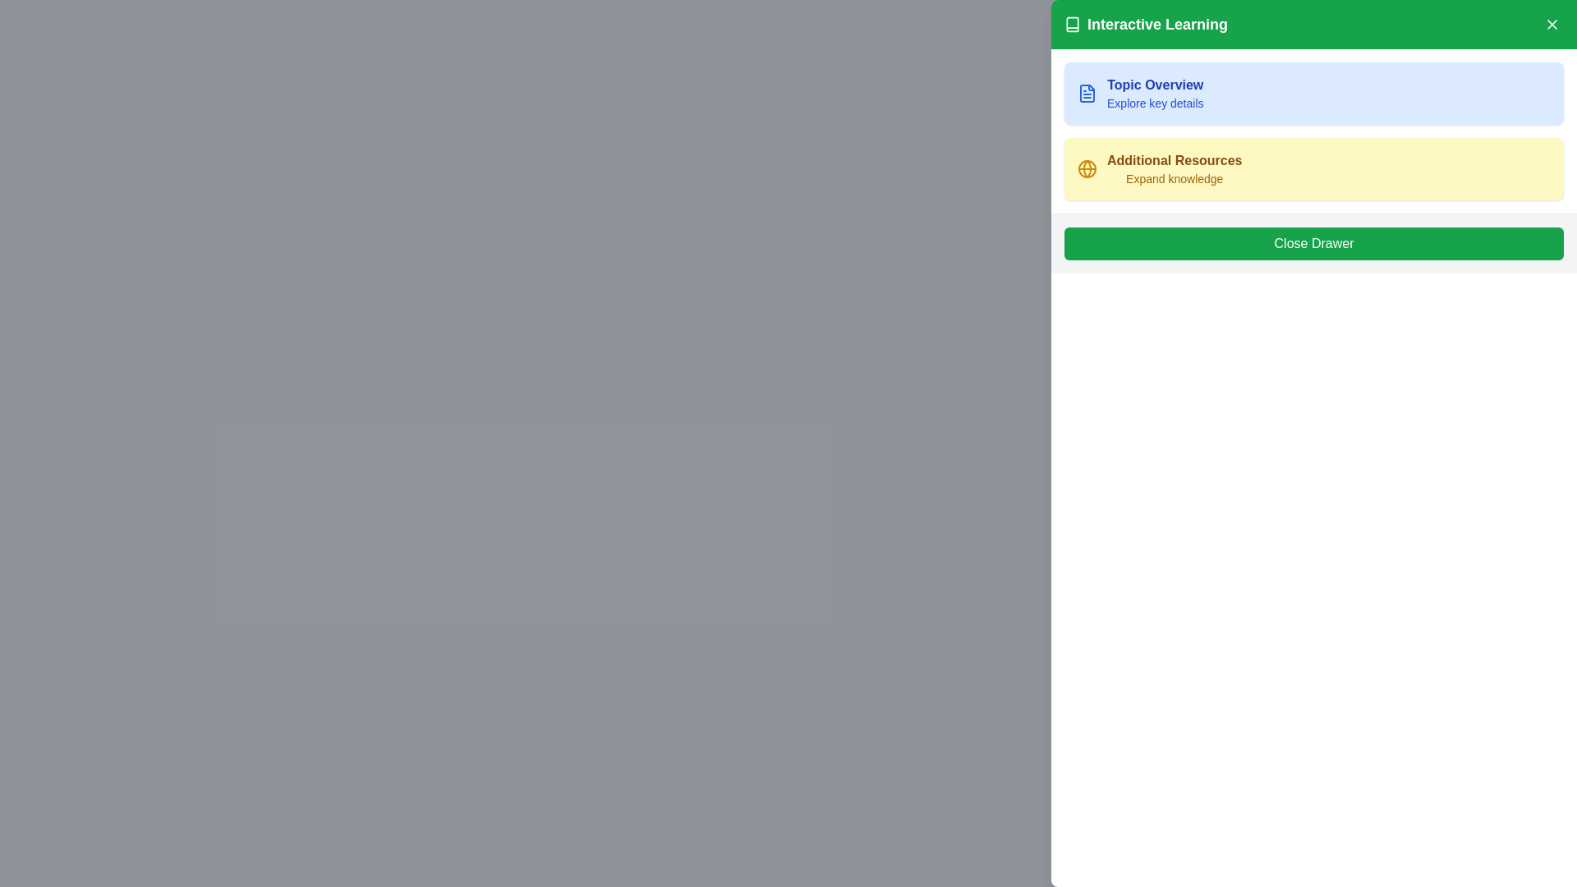  I want to click on the green 'Close Drawer' button located at the bottom section of the drawer-like panel on the right side of the interface, so click(1313, 244).